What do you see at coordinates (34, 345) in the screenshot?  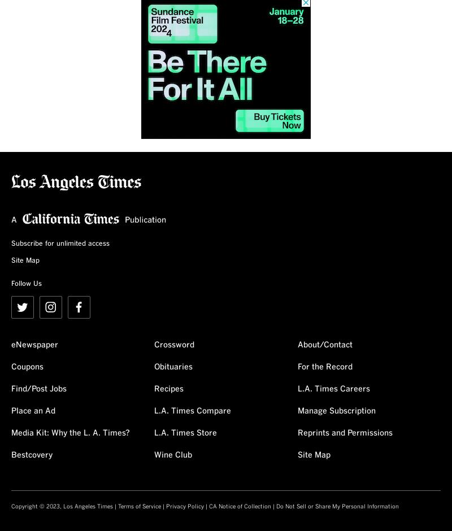 I see `'eNewspaper'` at bounding box center [34, 345].